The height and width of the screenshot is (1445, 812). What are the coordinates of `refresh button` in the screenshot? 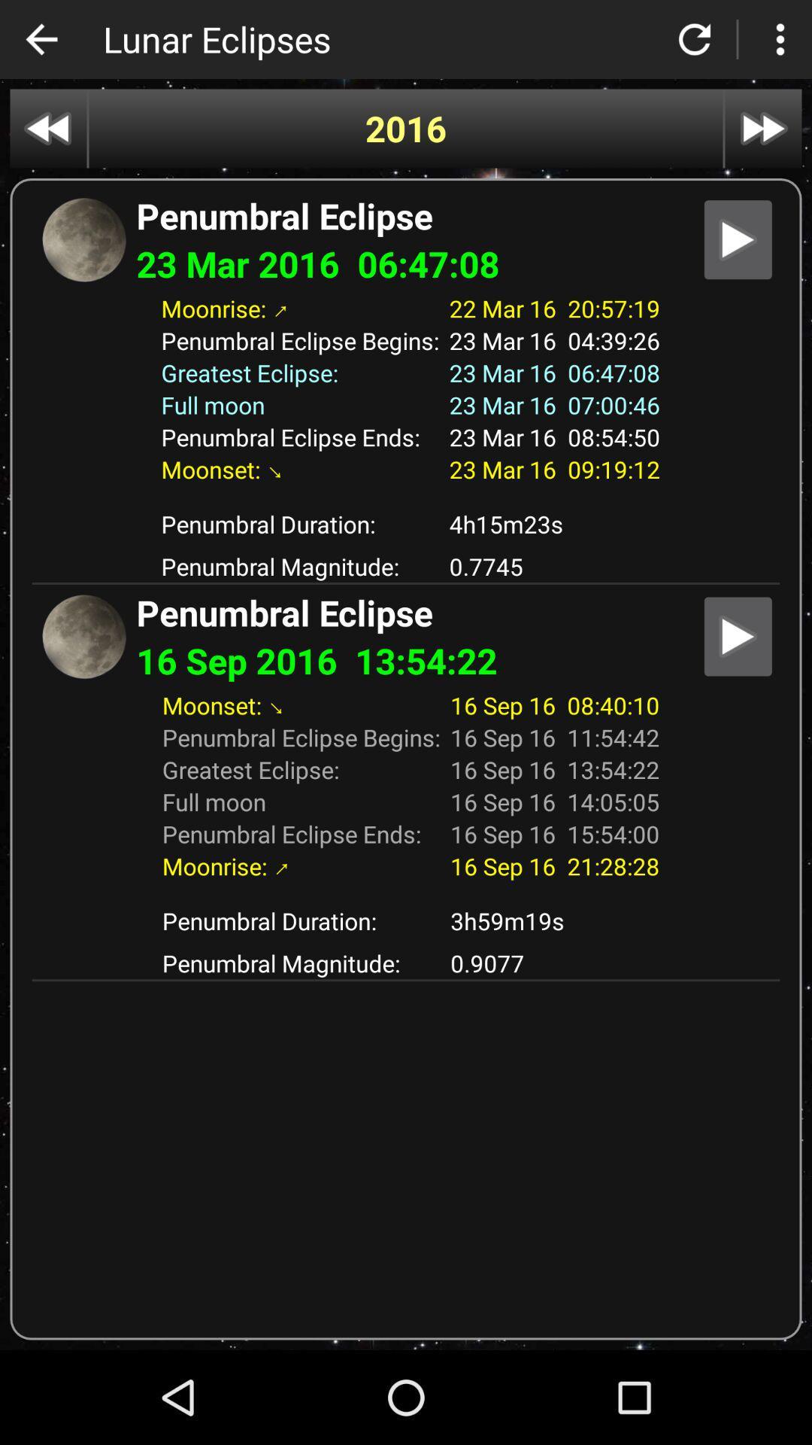 It's located at (695, 39).